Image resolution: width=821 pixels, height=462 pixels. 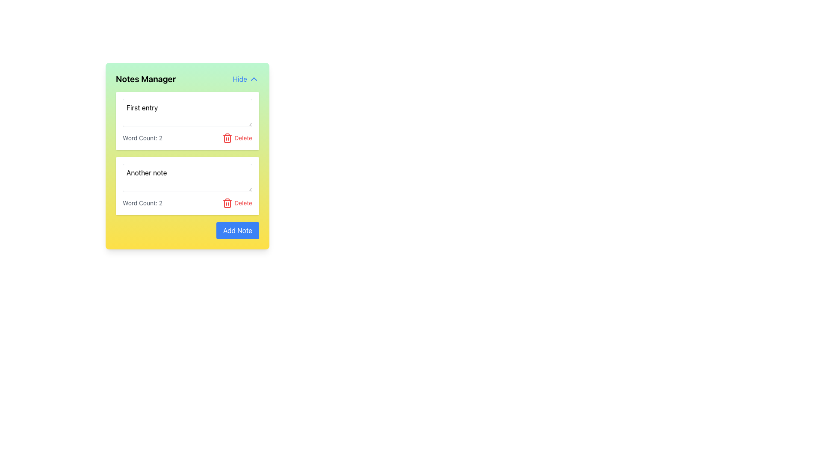 What do you see at coordinates (142, 138) in the screenshot?
I see `the Text Display element that shows the number of words in the associated note, located below the first text input in the 'Notes Manager' section and left of the 'Delete' button` at bounding box center [142, 138].